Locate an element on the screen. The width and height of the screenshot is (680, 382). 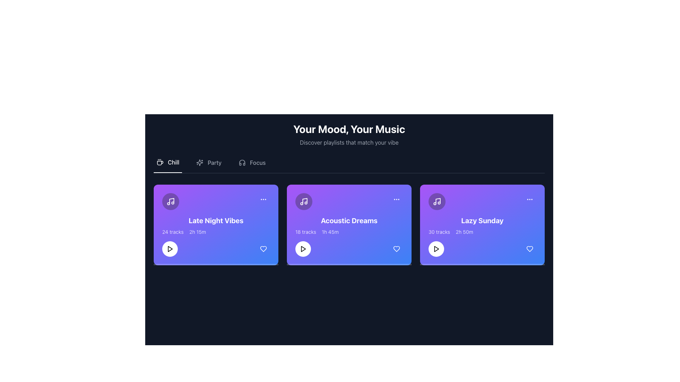
the horizontal decorative divider line located at the bottom of the 'Acoustic Dreams' card in the second position of the playlist cards row is located at coordinates (349, 265).